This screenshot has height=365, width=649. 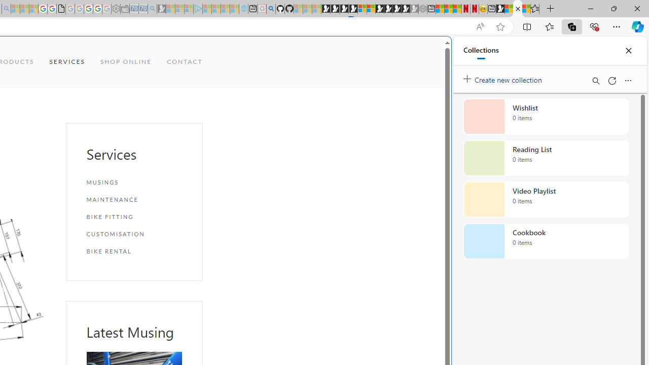 What do you see at coordinates (185, 62) in the screenshot?
I see `'CONTACT'` at bounding box center [185, 62].